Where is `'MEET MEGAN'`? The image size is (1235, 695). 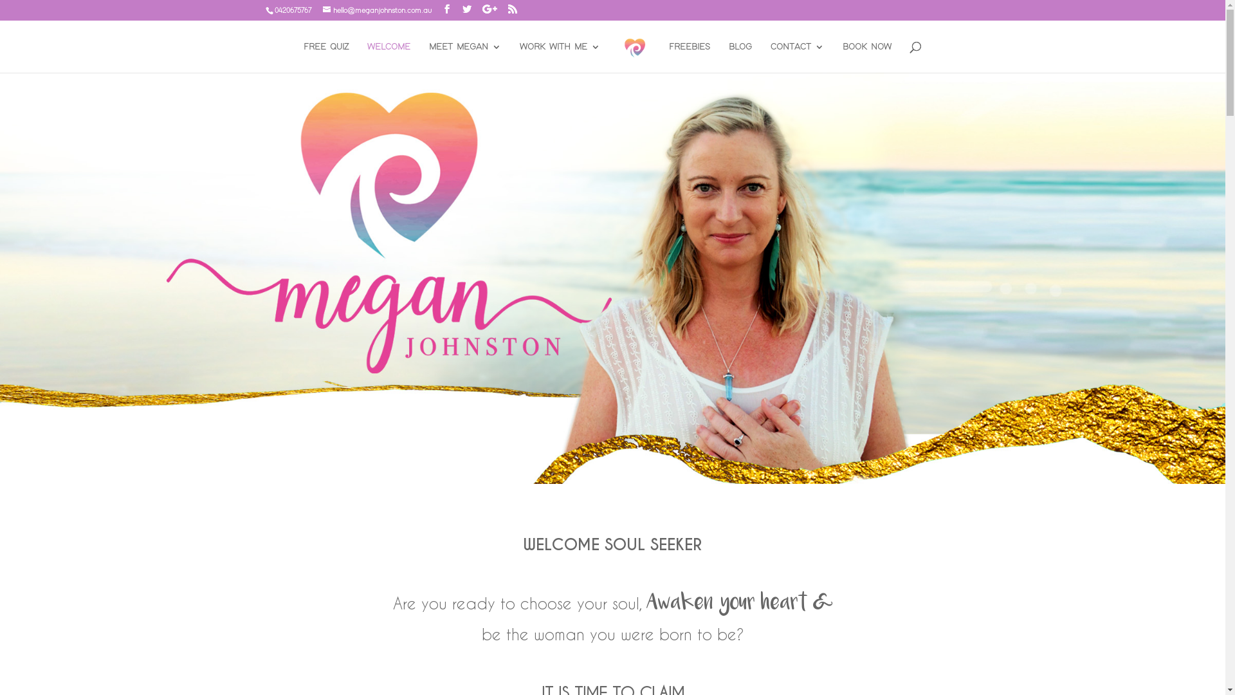
'MEET MEGAN' is located at coordinates (464, 57).